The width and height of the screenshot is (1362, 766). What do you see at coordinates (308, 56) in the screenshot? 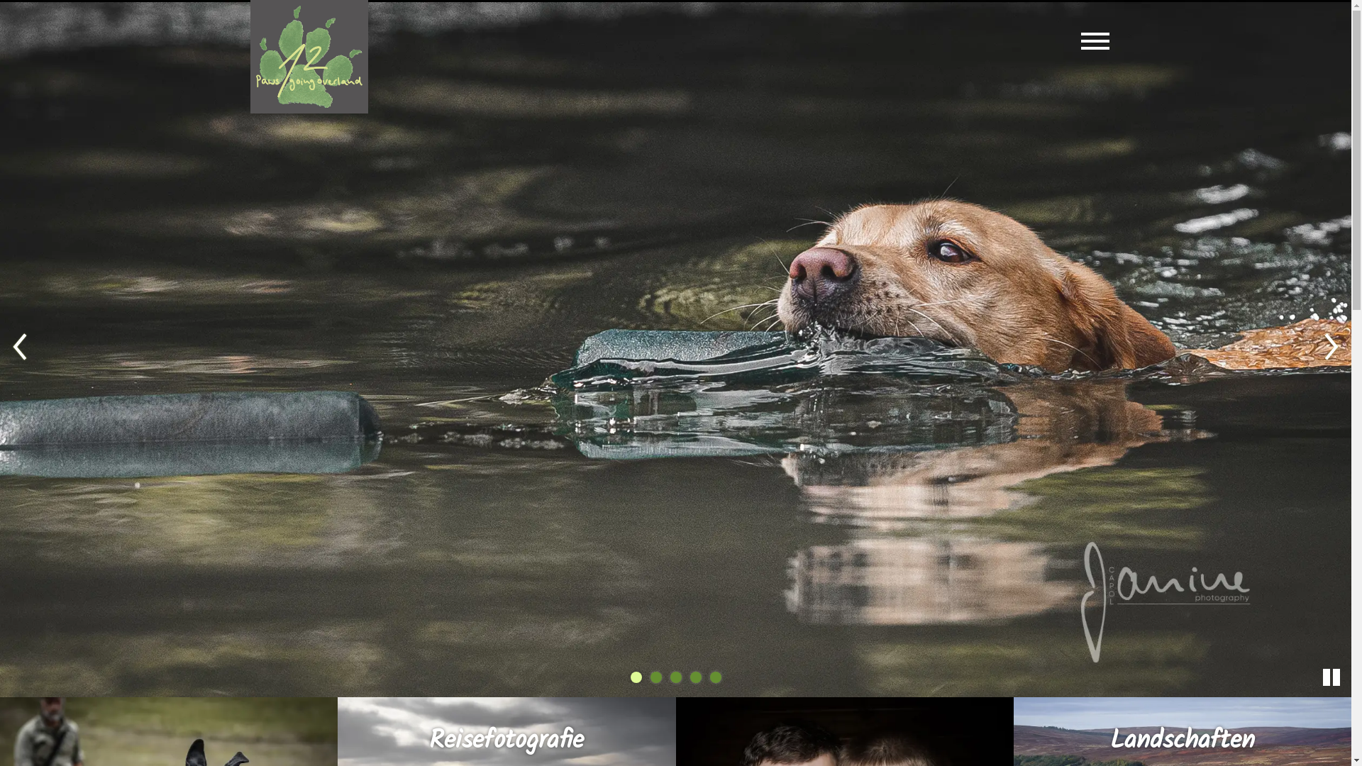
I see `'Zur Startseite'` at bounding box center [308, 56].